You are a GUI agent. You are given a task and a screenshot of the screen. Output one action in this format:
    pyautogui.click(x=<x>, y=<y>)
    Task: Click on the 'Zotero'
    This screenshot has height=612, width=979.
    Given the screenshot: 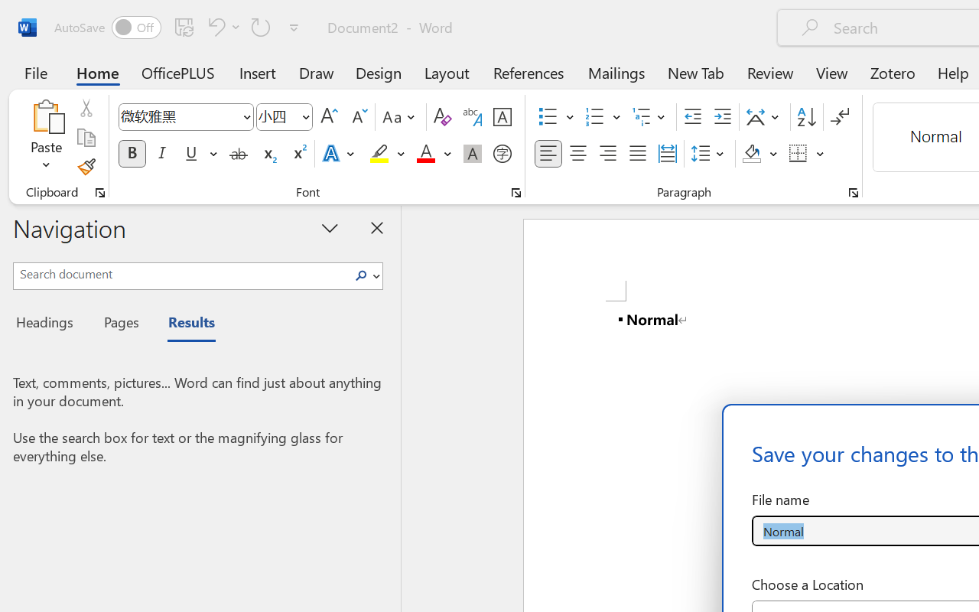 What is the action you would take?
    pyautogui.click(x=893, y=72)
    